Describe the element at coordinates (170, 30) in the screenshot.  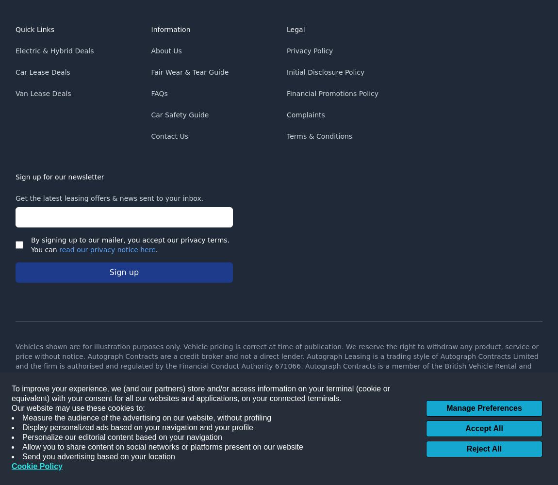
I see `'Information'` at that location.